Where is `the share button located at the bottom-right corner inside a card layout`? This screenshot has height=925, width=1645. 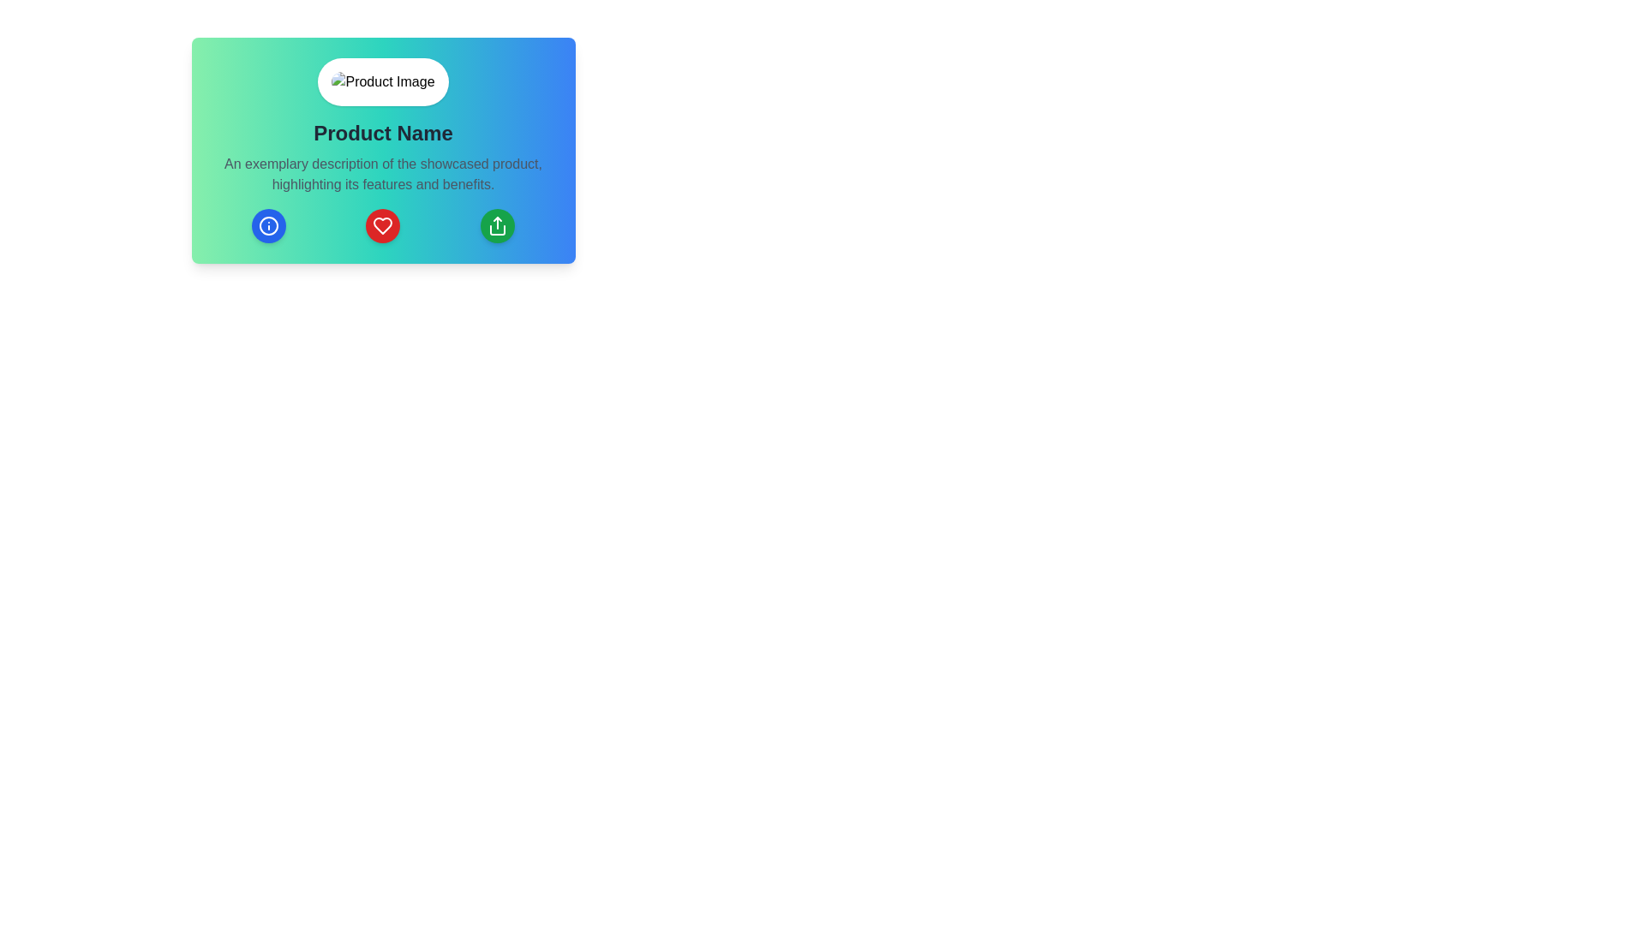 the share button located at the bottom-right corner inside a card layout is located at coordinates (496, 224).